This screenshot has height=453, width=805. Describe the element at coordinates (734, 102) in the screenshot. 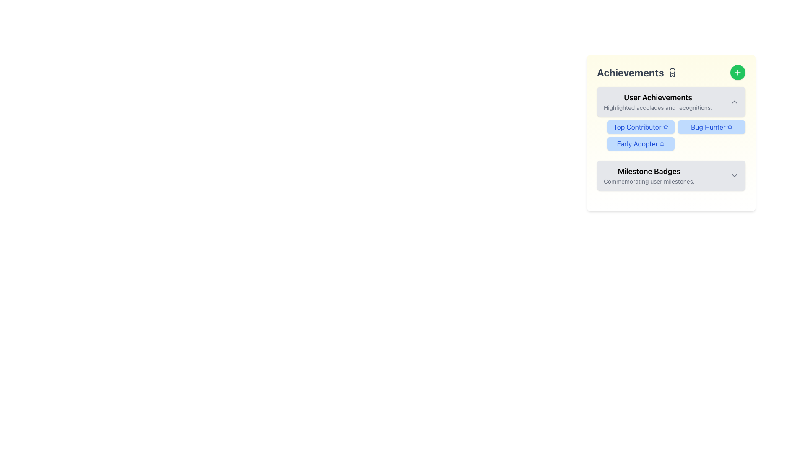

I see `the small upward-facing chevron icon located at the far right of the 'User Achievements' section for visual feedback` at that location.